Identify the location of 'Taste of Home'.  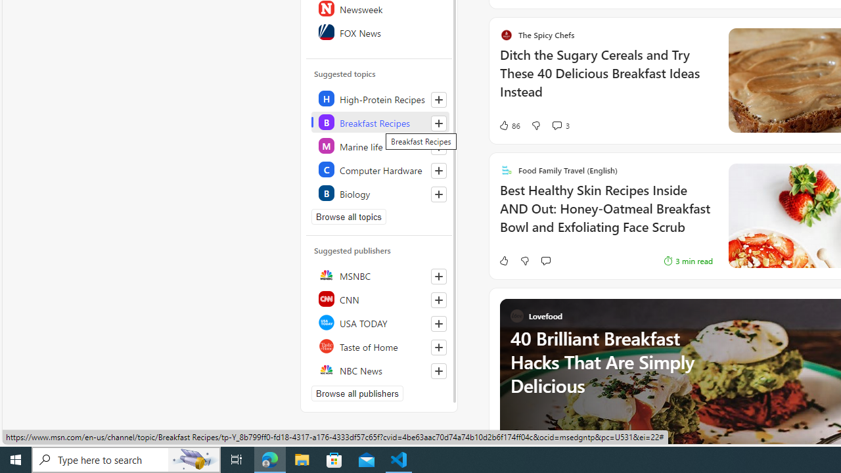
(379, 346).